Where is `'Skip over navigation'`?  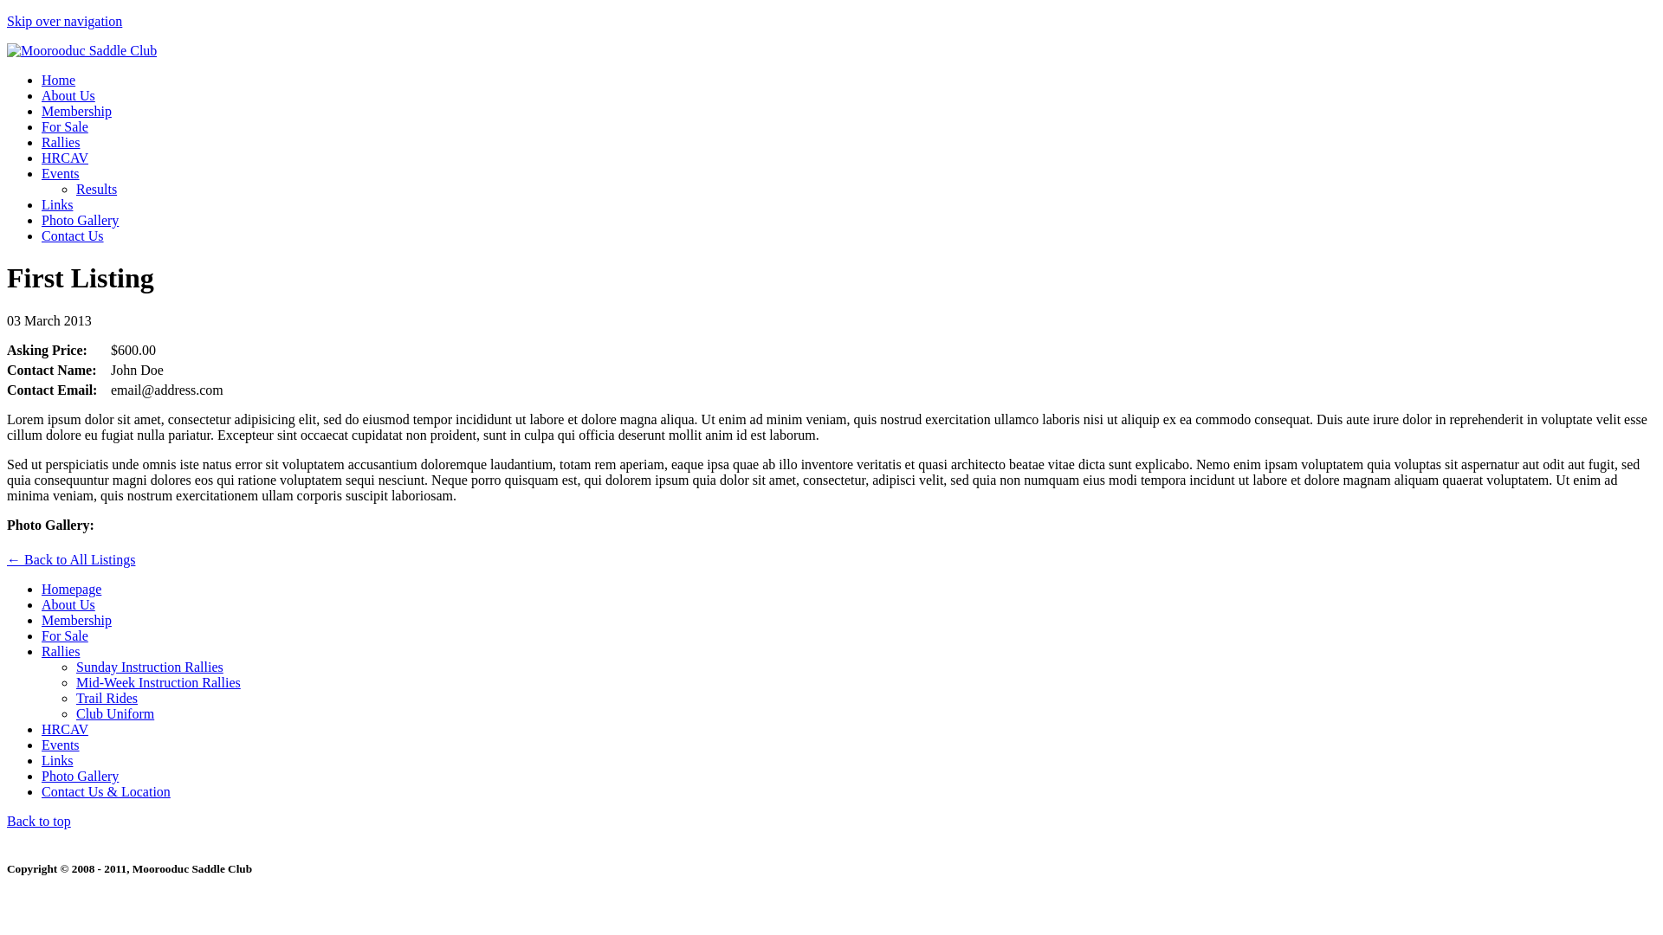
'Skip over navigation' is located at coordinates (64, 21).